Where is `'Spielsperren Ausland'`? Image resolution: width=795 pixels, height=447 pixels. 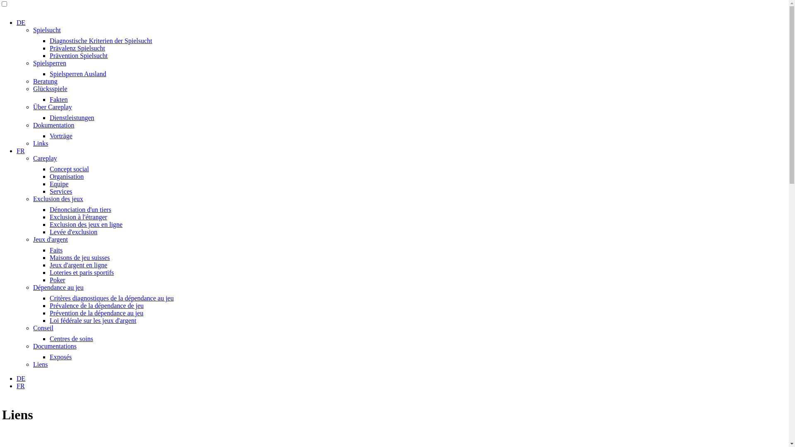
'Spielsperren Ausland' is located at coordinates (77, 73).